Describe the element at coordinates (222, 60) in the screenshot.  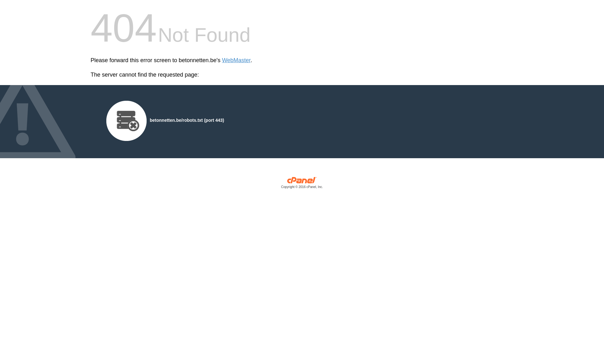
I see `'WebMaster'` at that location.